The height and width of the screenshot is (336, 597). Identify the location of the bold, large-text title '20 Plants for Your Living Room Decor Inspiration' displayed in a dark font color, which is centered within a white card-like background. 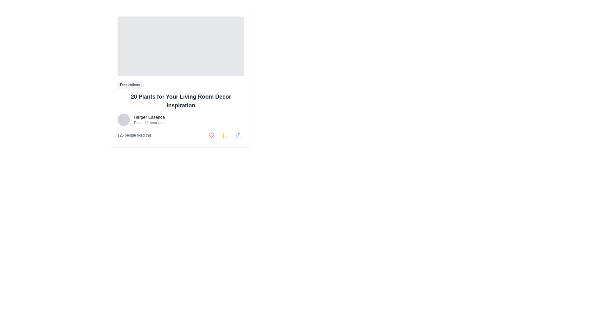
(180, 100).